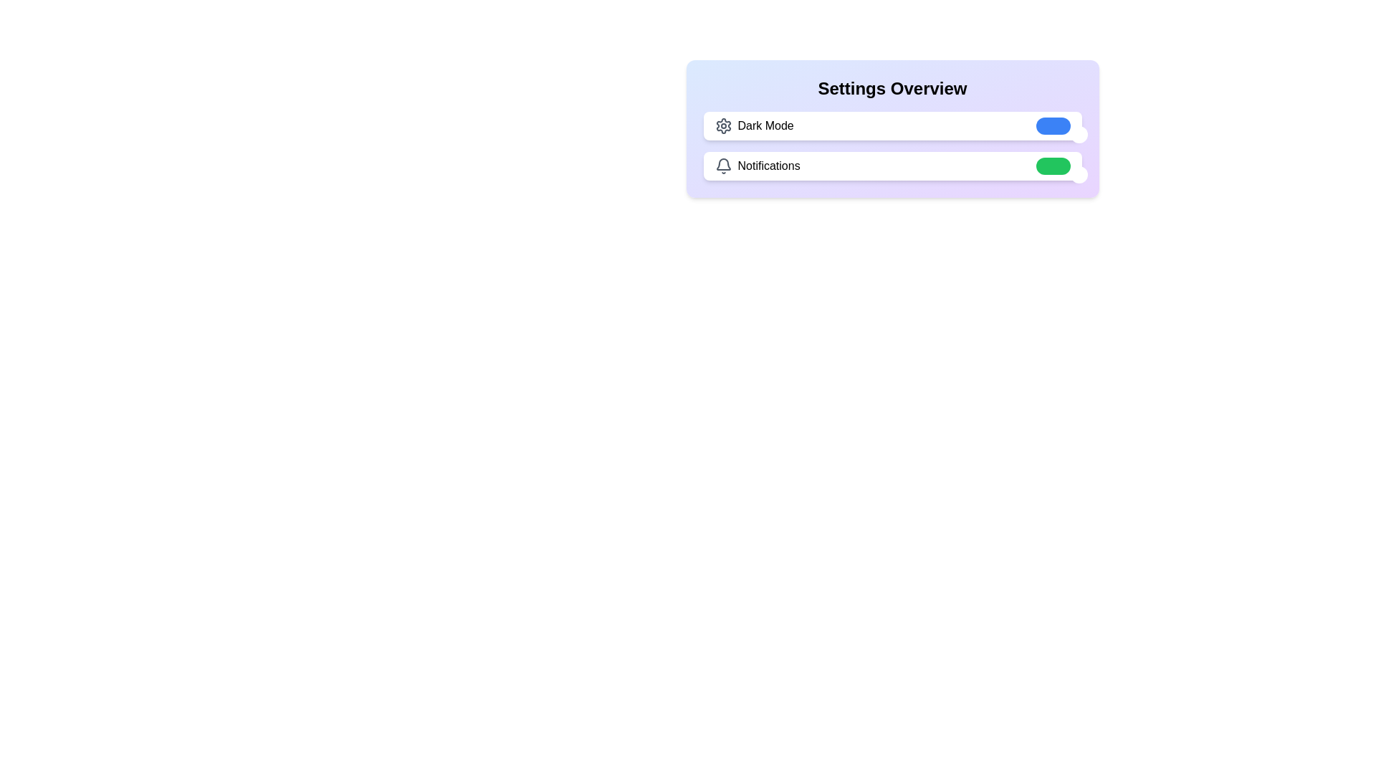  I want to click on Dark Mode toggle switch to change its state, so click(1053, 125).